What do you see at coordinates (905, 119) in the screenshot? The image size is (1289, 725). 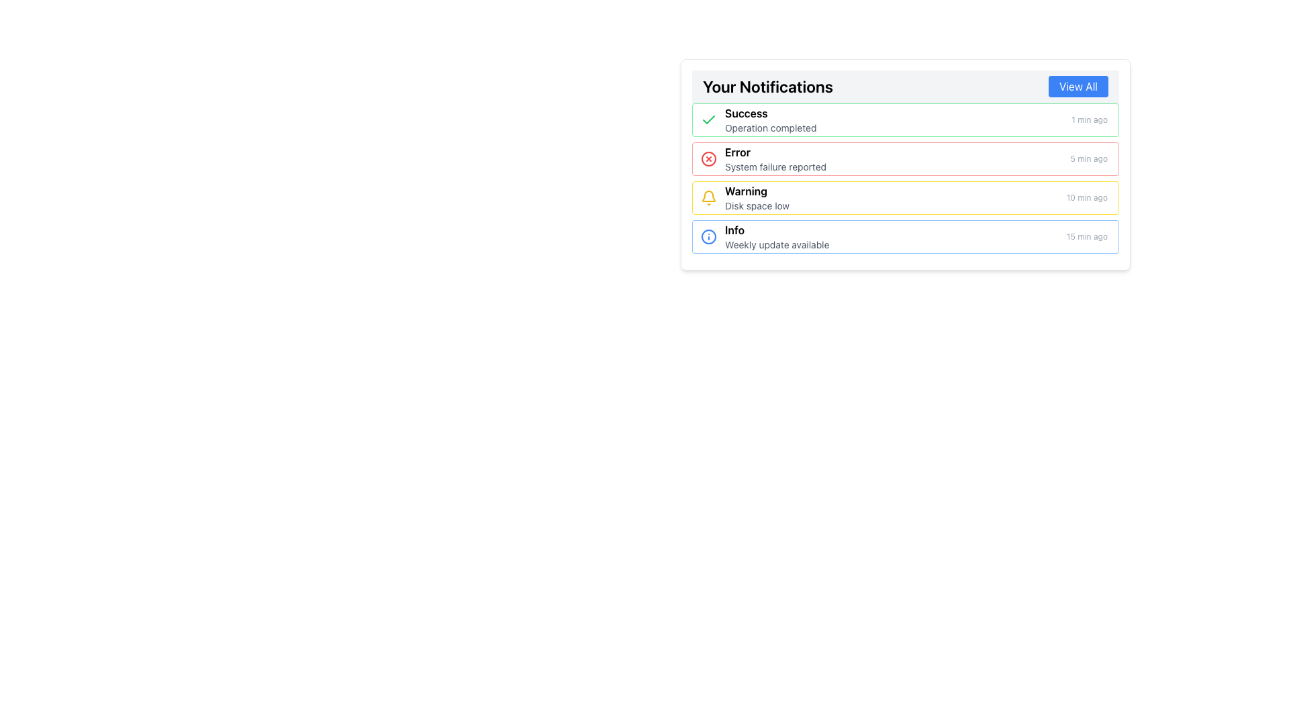 I see `the notification card with a green checkmark titled 'Success', which indicates that an operation has been completed, located at the top of the notification list` at bounding box center [905, 119].